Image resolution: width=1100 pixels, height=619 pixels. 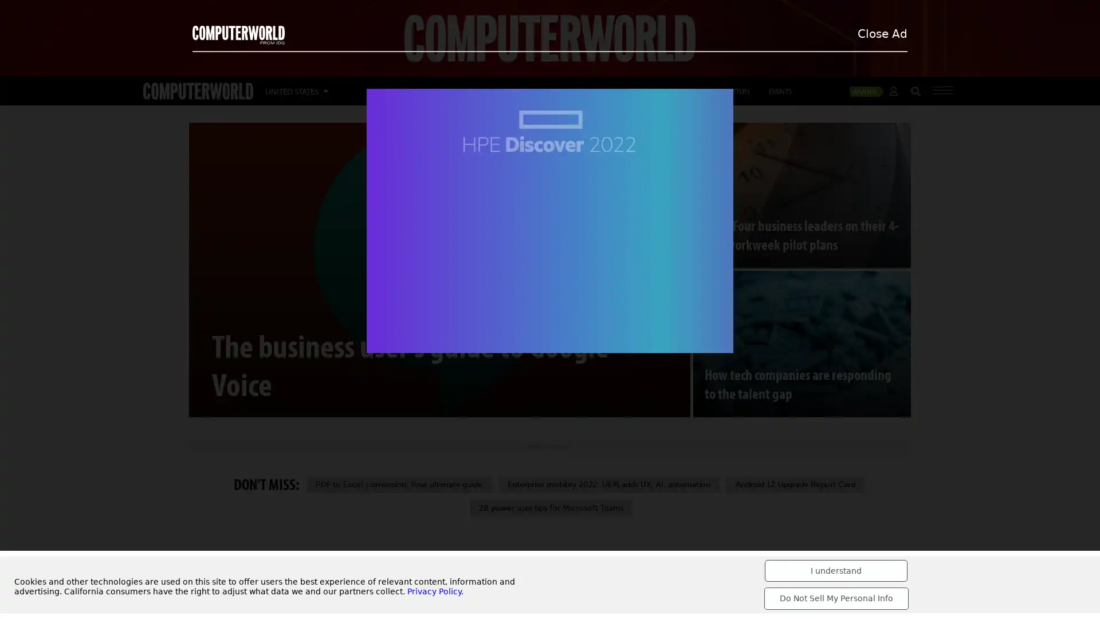 I want to click on Link to Learn about insider page, so click(x=592, y=70).